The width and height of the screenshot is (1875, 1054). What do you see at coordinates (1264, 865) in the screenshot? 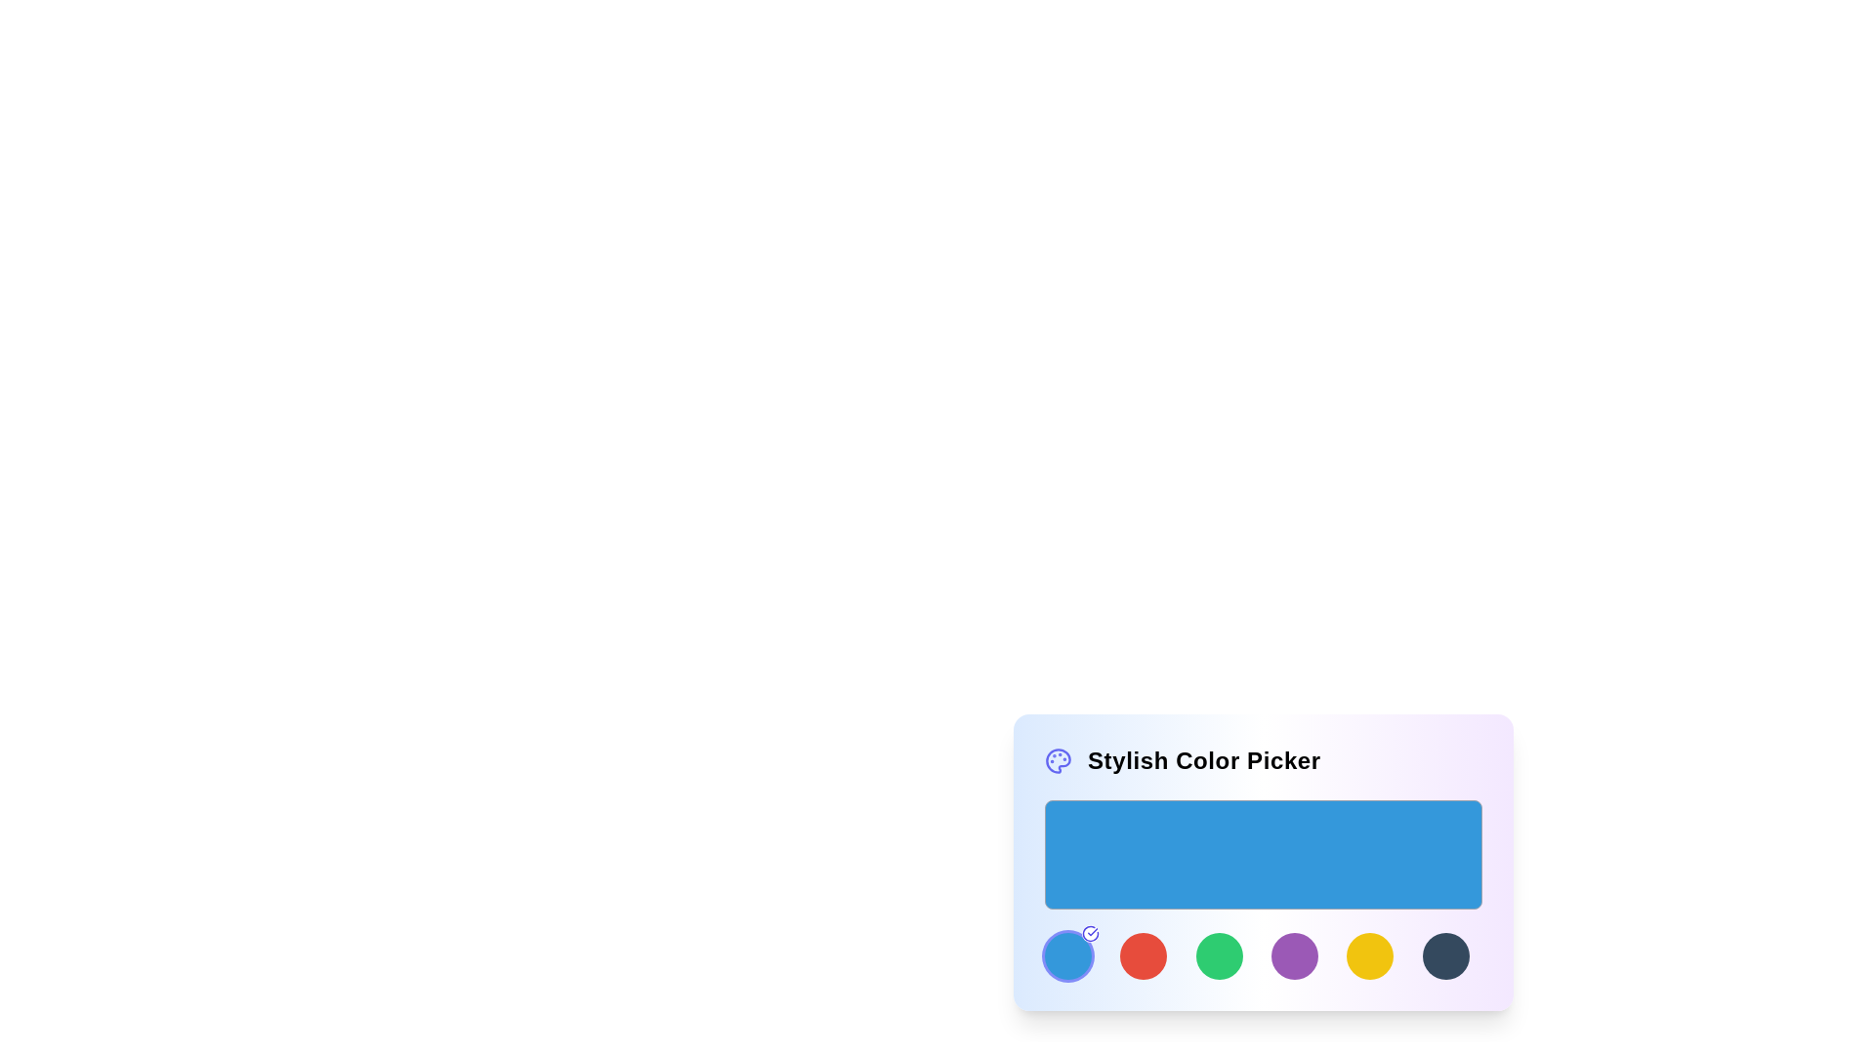
I see `properties of the Display area or preview pane within the Stylish Color Picker component, which has a blue background and is centrally placed below the heading 'Stylish Color Picker'` at bounding box center [1264, 865].